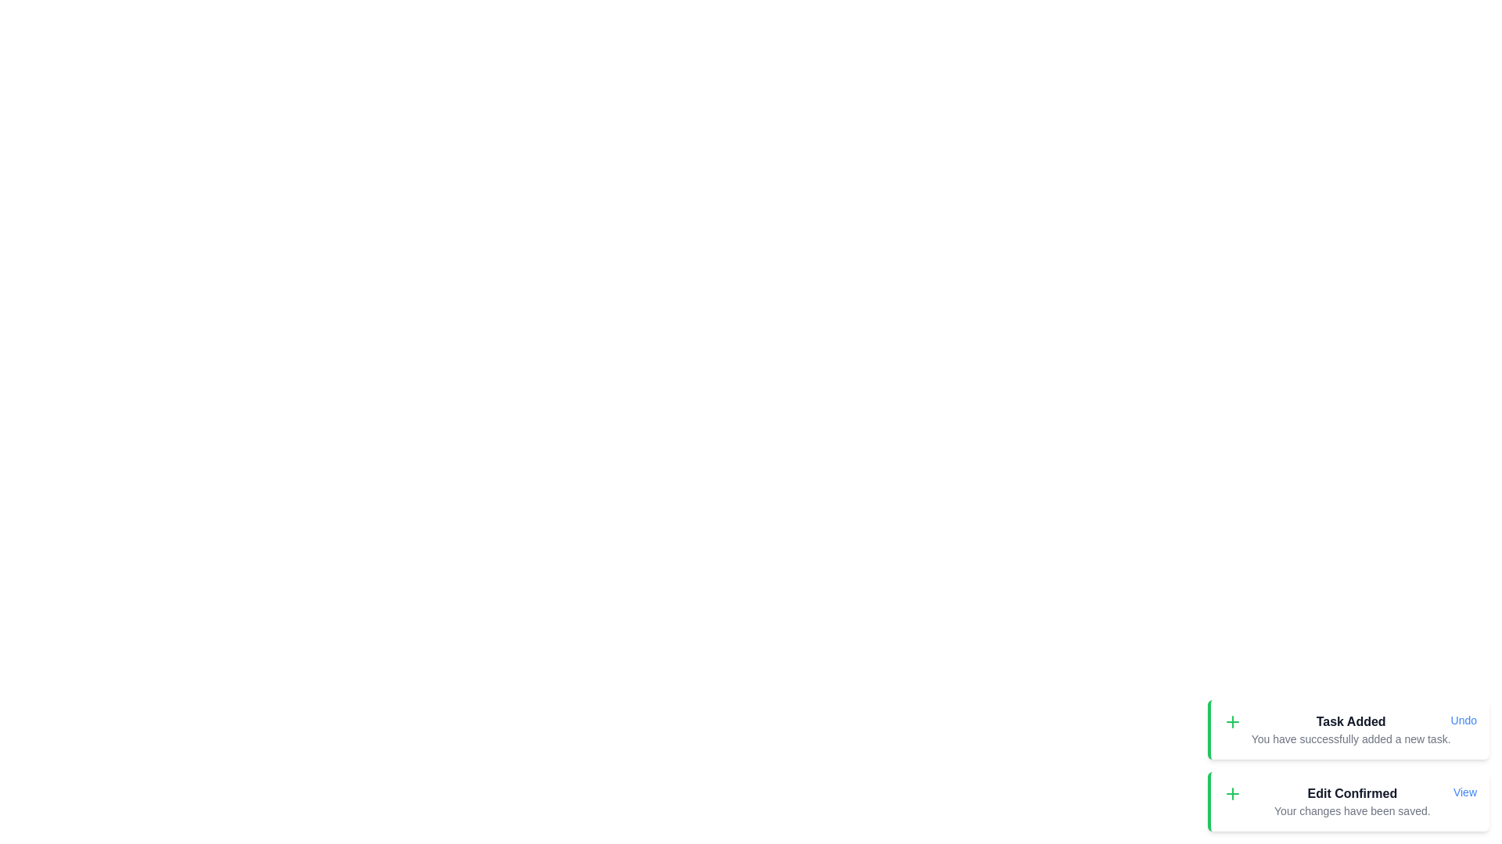 The image size is (1502, 844). I want to click on the action button labeled View in the snackbar item, so click(1464, 792).